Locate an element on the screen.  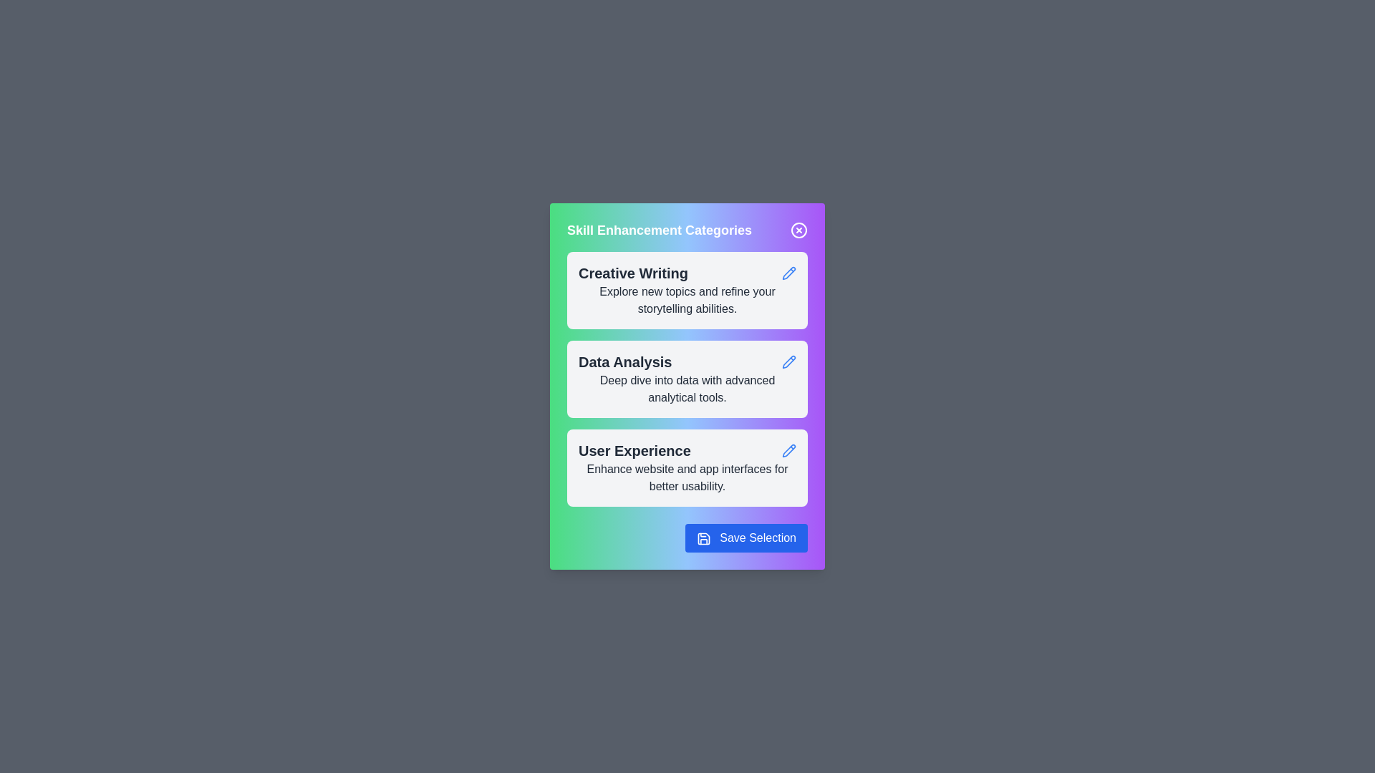
the Data Analysis card to highlight it is located at coordinates (687, 378).